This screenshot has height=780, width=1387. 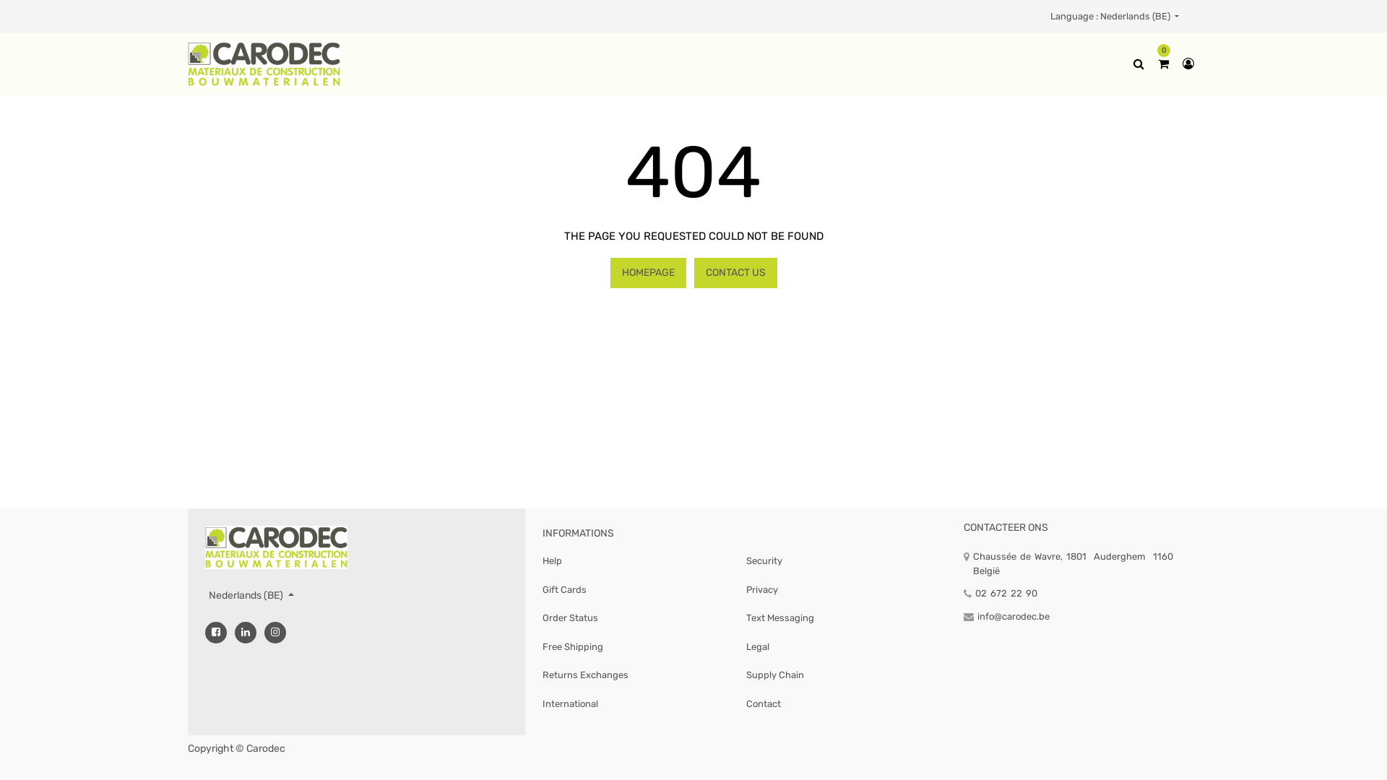 What do you see at coordinates (251, 595) in the screenshot?
I see `'Nederlands (BE)'` at bounding box center [251, 595].